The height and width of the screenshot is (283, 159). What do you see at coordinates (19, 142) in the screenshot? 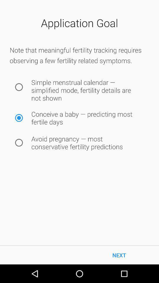
I see `the third option` at bounding box center [19, 142].